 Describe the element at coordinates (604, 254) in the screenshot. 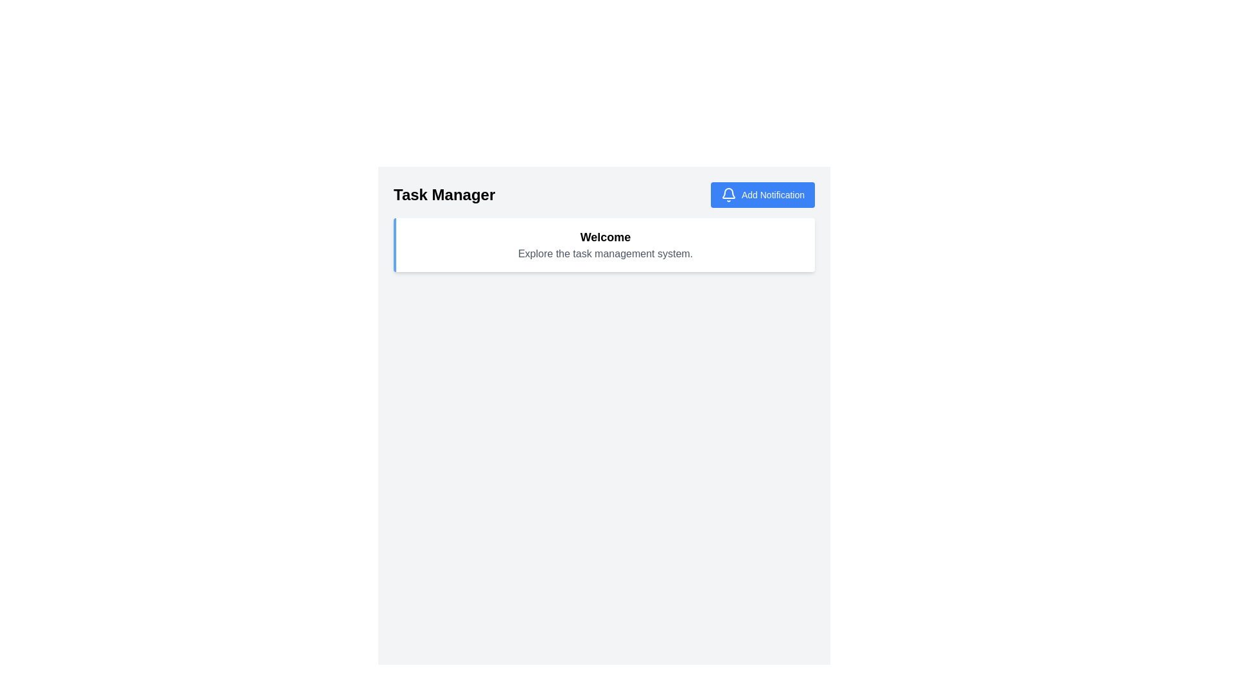

I see `the static informative text that says 'Explore the task management system.' located beneath the heading 'Welcome' in the white panel` at that location.